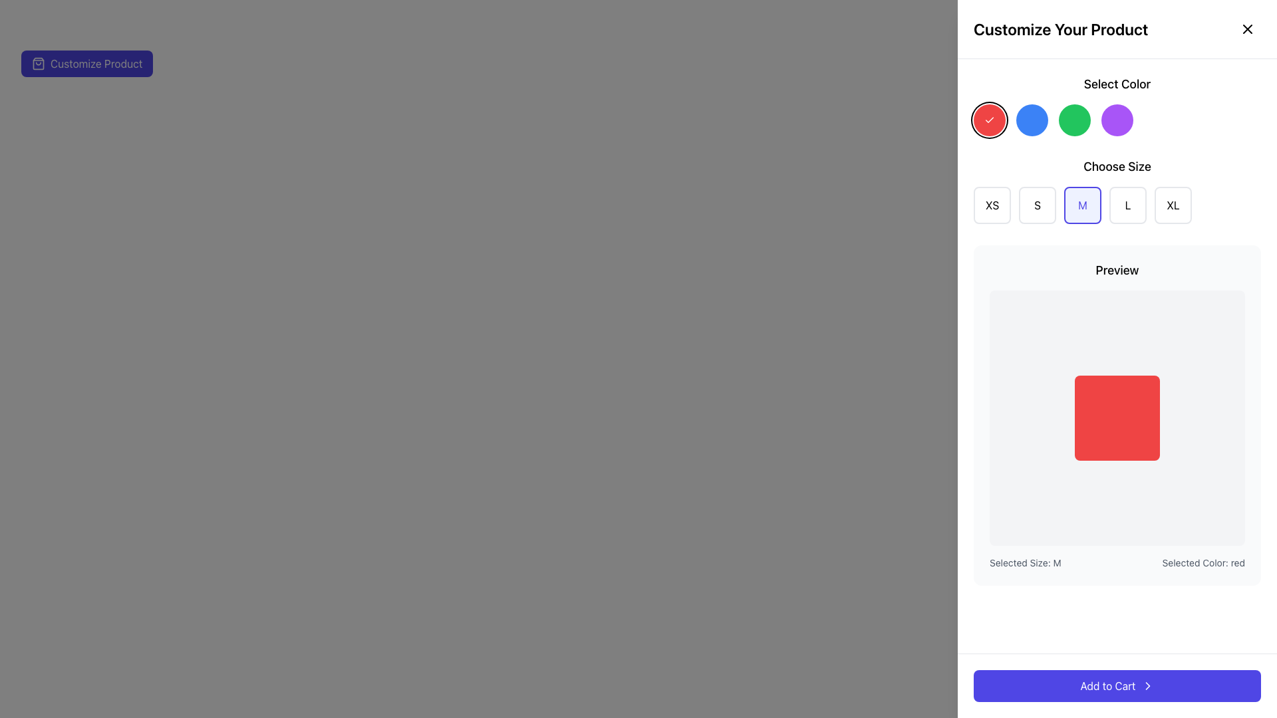 This screenshot has height=718, width=1277. Describe the element at coordinates (1082, 205) in the screenshot. I see `the 'M' size button in the size selection interface` at that location.